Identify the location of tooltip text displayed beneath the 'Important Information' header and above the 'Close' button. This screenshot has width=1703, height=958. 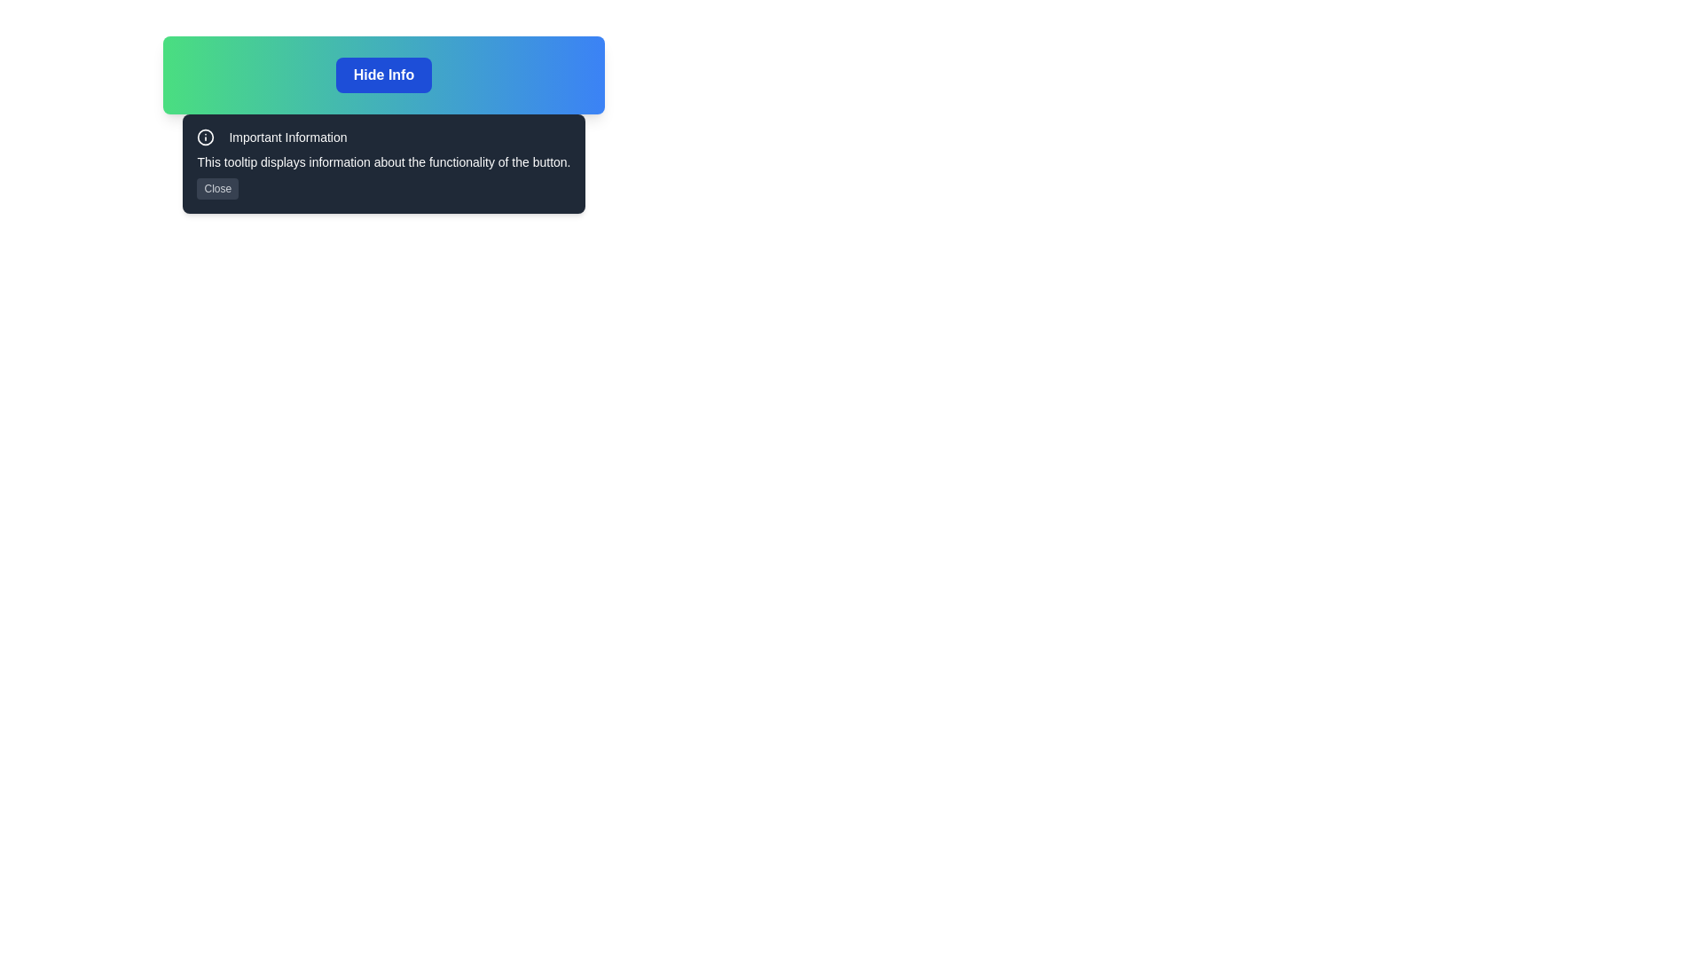
(382, 161).